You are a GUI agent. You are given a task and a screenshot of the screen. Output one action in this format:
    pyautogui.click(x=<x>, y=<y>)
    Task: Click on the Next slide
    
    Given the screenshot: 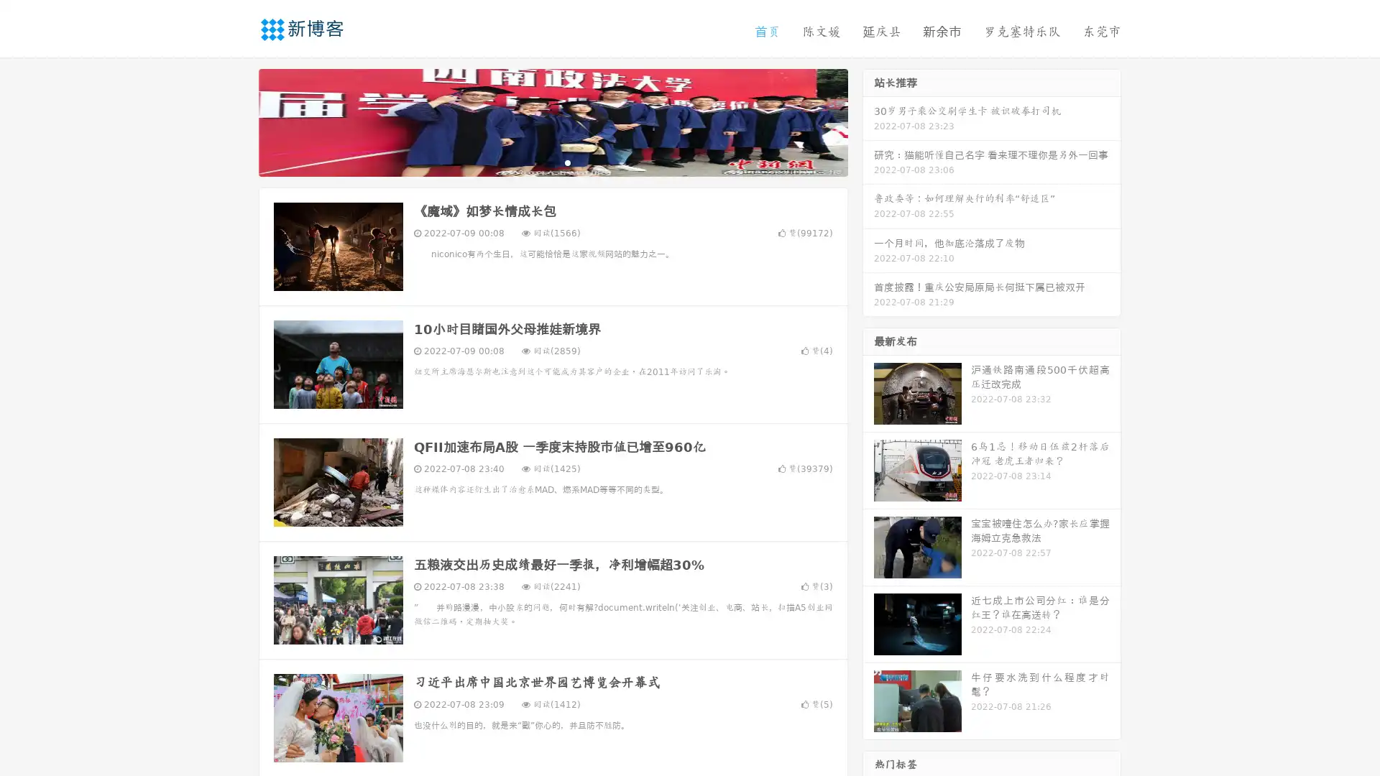 What is the action you would take?
    pyautogui.click(x=868, y=121)
    